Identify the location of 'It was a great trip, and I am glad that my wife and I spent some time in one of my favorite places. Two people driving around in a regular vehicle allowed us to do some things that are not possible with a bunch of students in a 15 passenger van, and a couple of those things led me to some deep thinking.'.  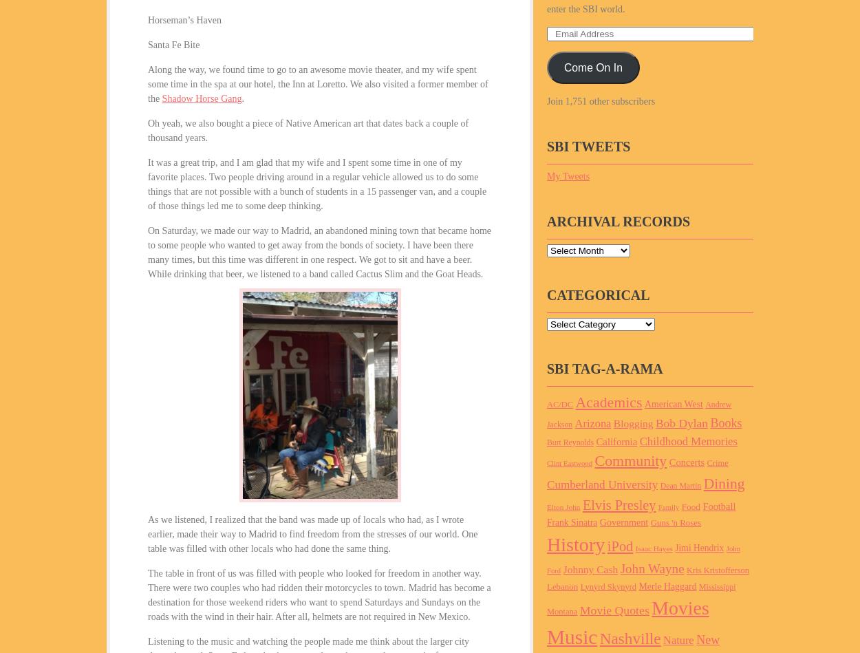
(316, 183).